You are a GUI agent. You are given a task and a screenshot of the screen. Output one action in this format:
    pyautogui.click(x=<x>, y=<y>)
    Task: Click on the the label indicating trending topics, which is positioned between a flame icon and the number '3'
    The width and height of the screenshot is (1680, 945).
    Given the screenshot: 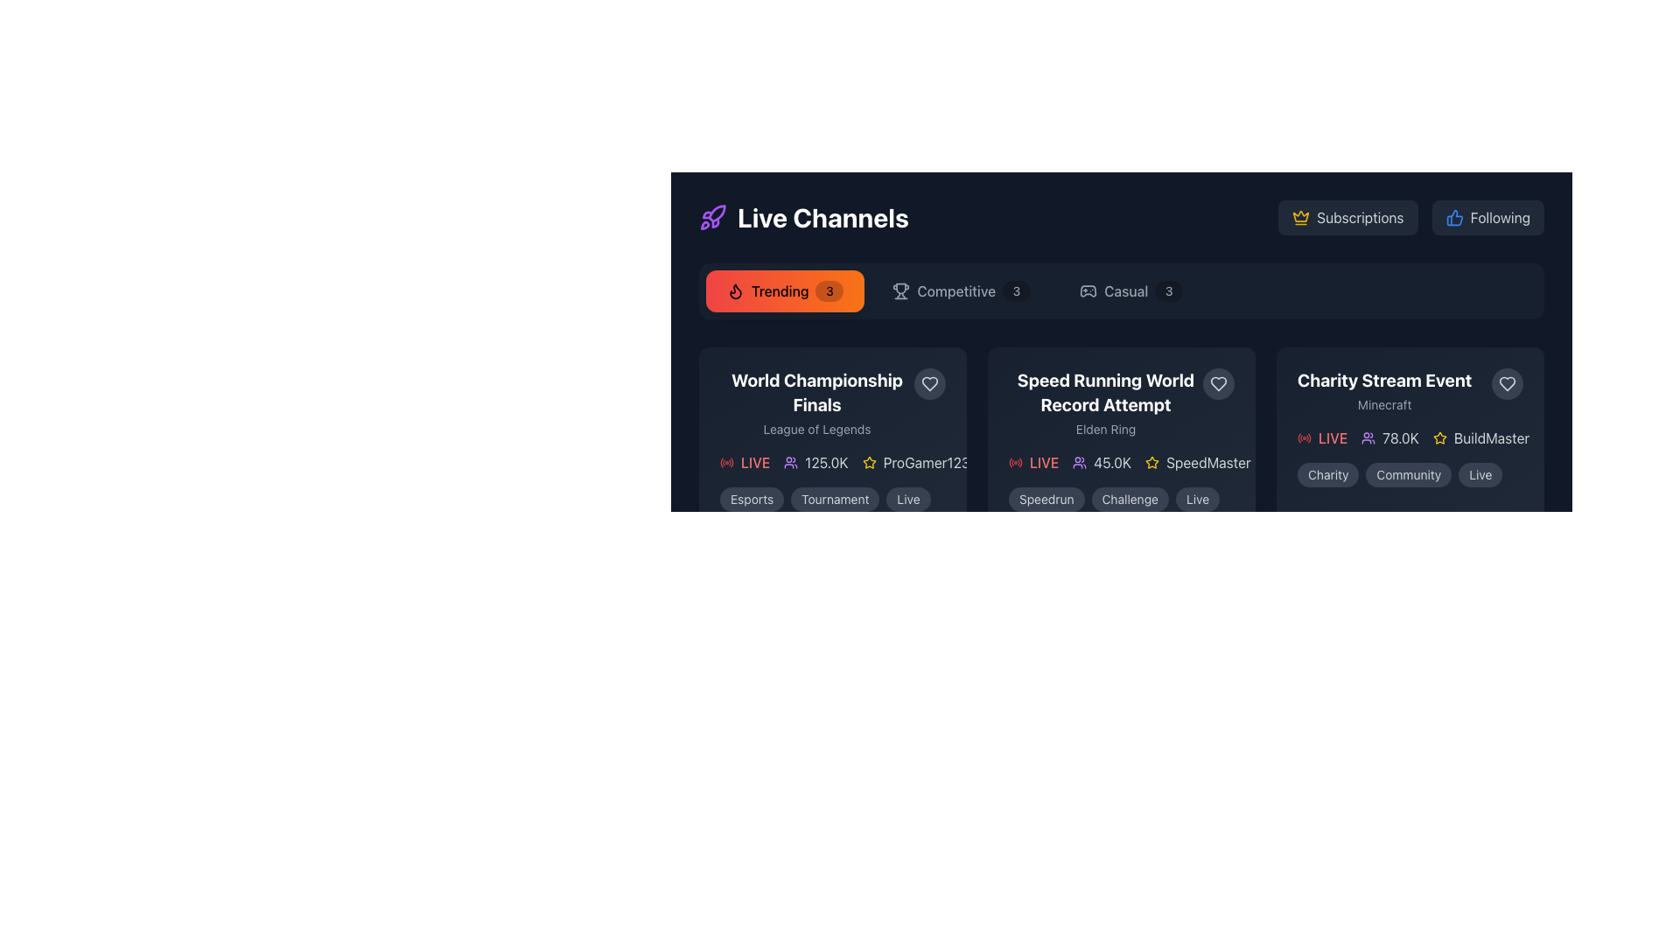 What is the action you would take?
    pyautogui.click(x=779, y=290)
    